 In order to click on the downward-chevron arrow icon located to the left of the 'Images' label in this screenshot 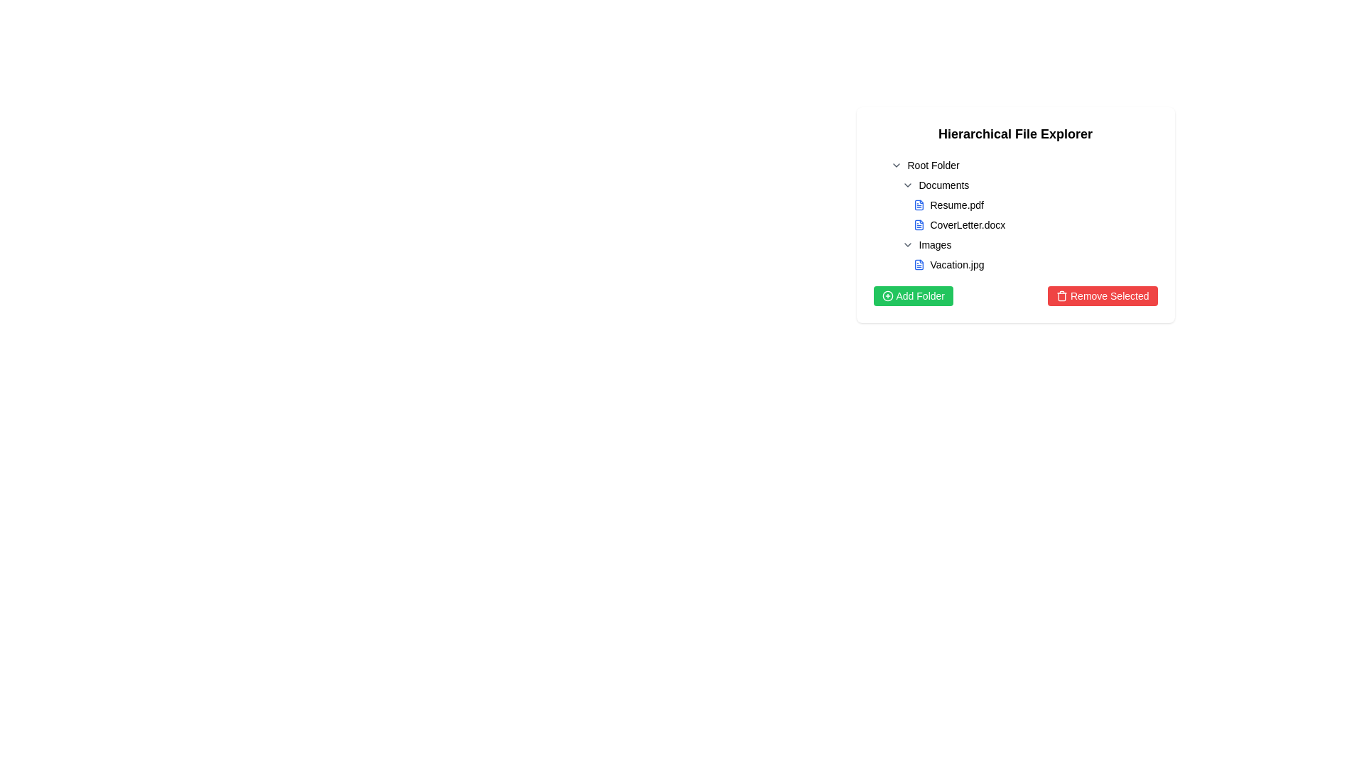, I will do `click(906, 244)`.